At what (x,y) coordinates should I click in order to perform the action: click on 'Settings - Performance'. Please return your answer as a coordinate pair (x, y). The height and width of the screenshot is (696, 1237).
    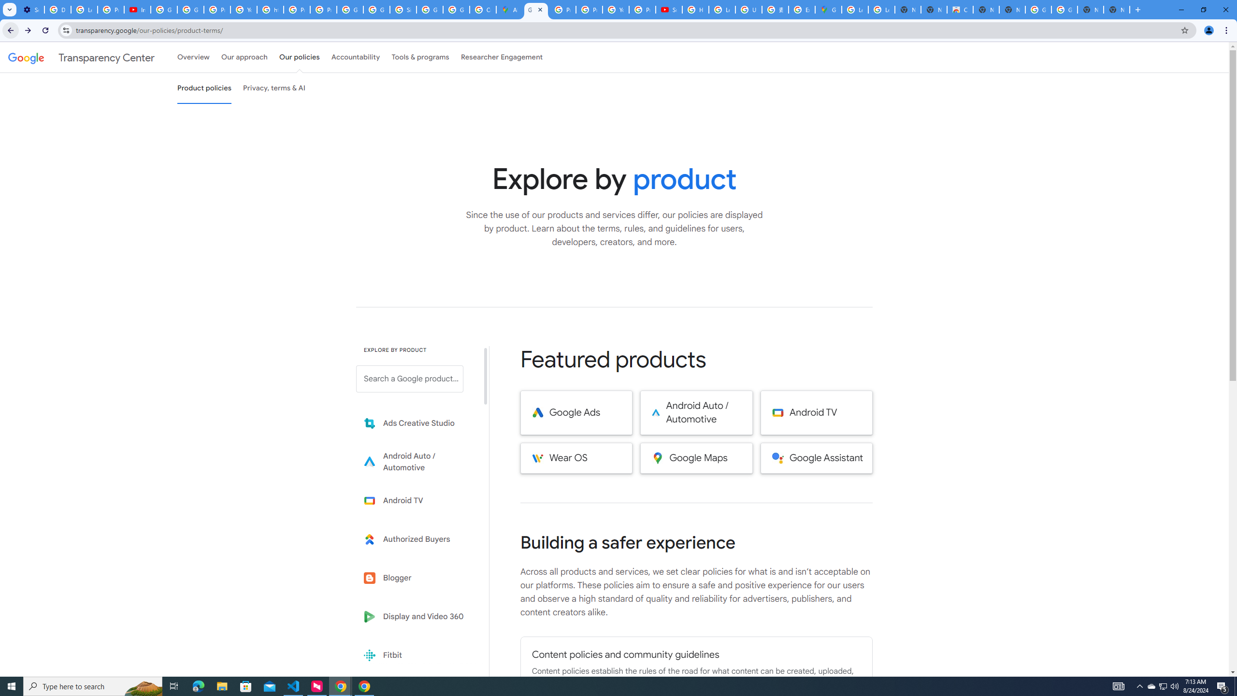
    Looking at the image, I should click on (31, 9).